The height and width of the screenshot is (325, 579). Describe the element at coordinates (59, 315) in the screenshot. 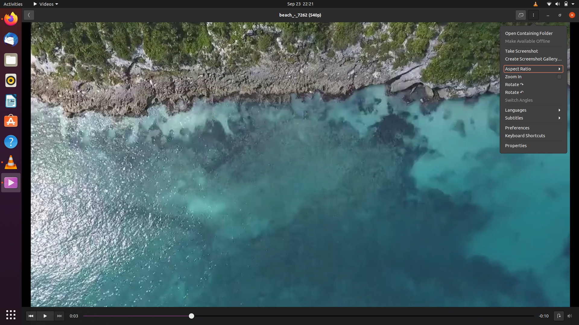

I see `Advance to the next item in the video playlist` at that location.